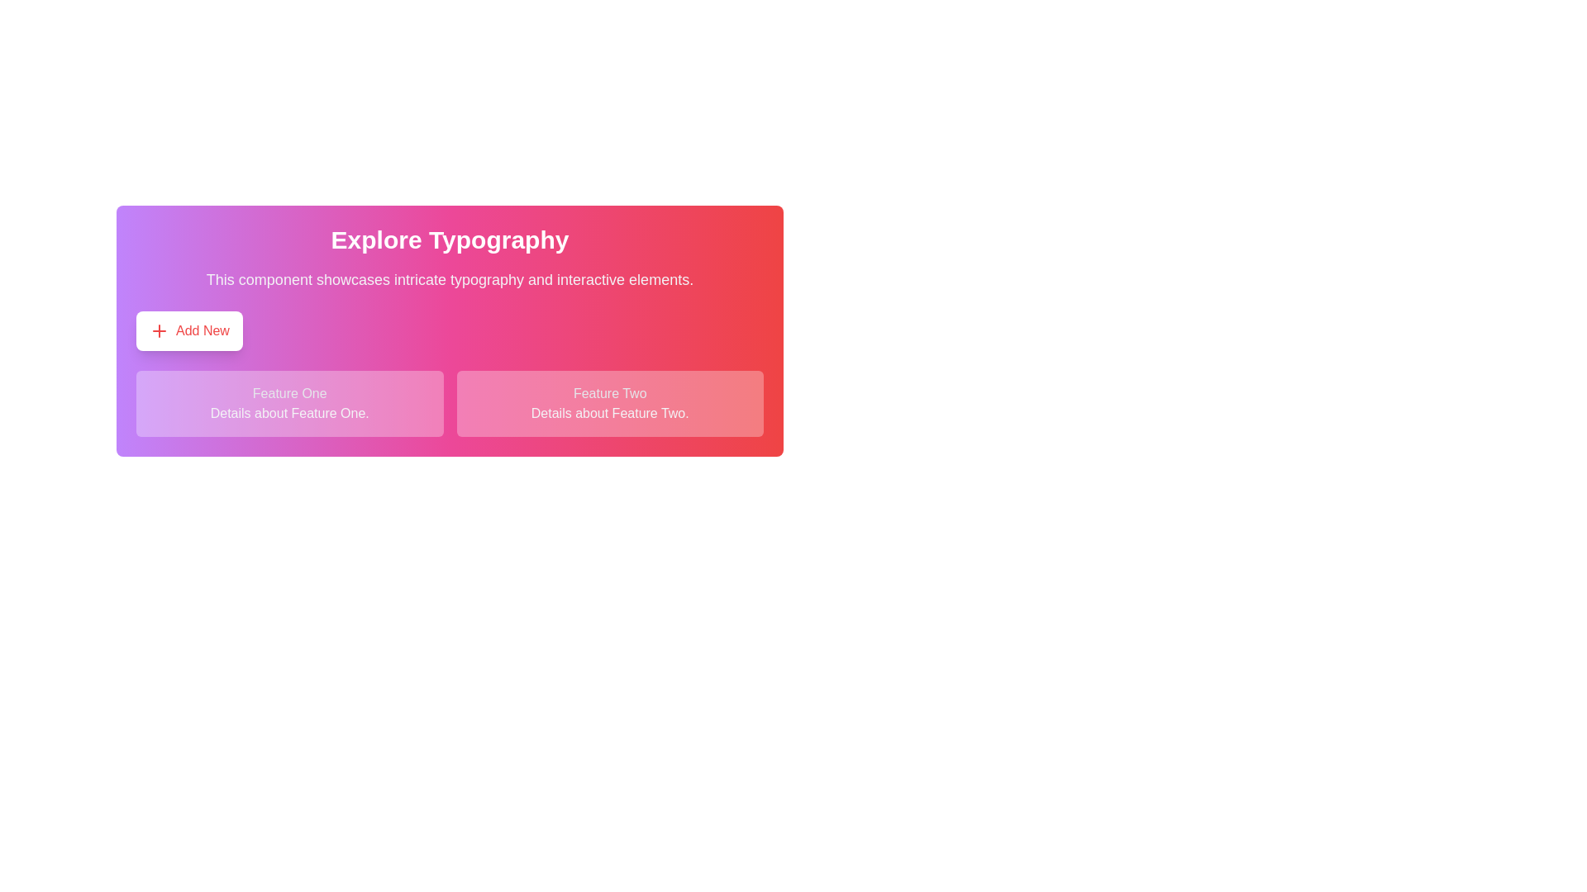  I want to click on the static text displaying 'Details about Feature Two,' which is styled in gray and positioned below 'Feature Two.', so click(609, 413).